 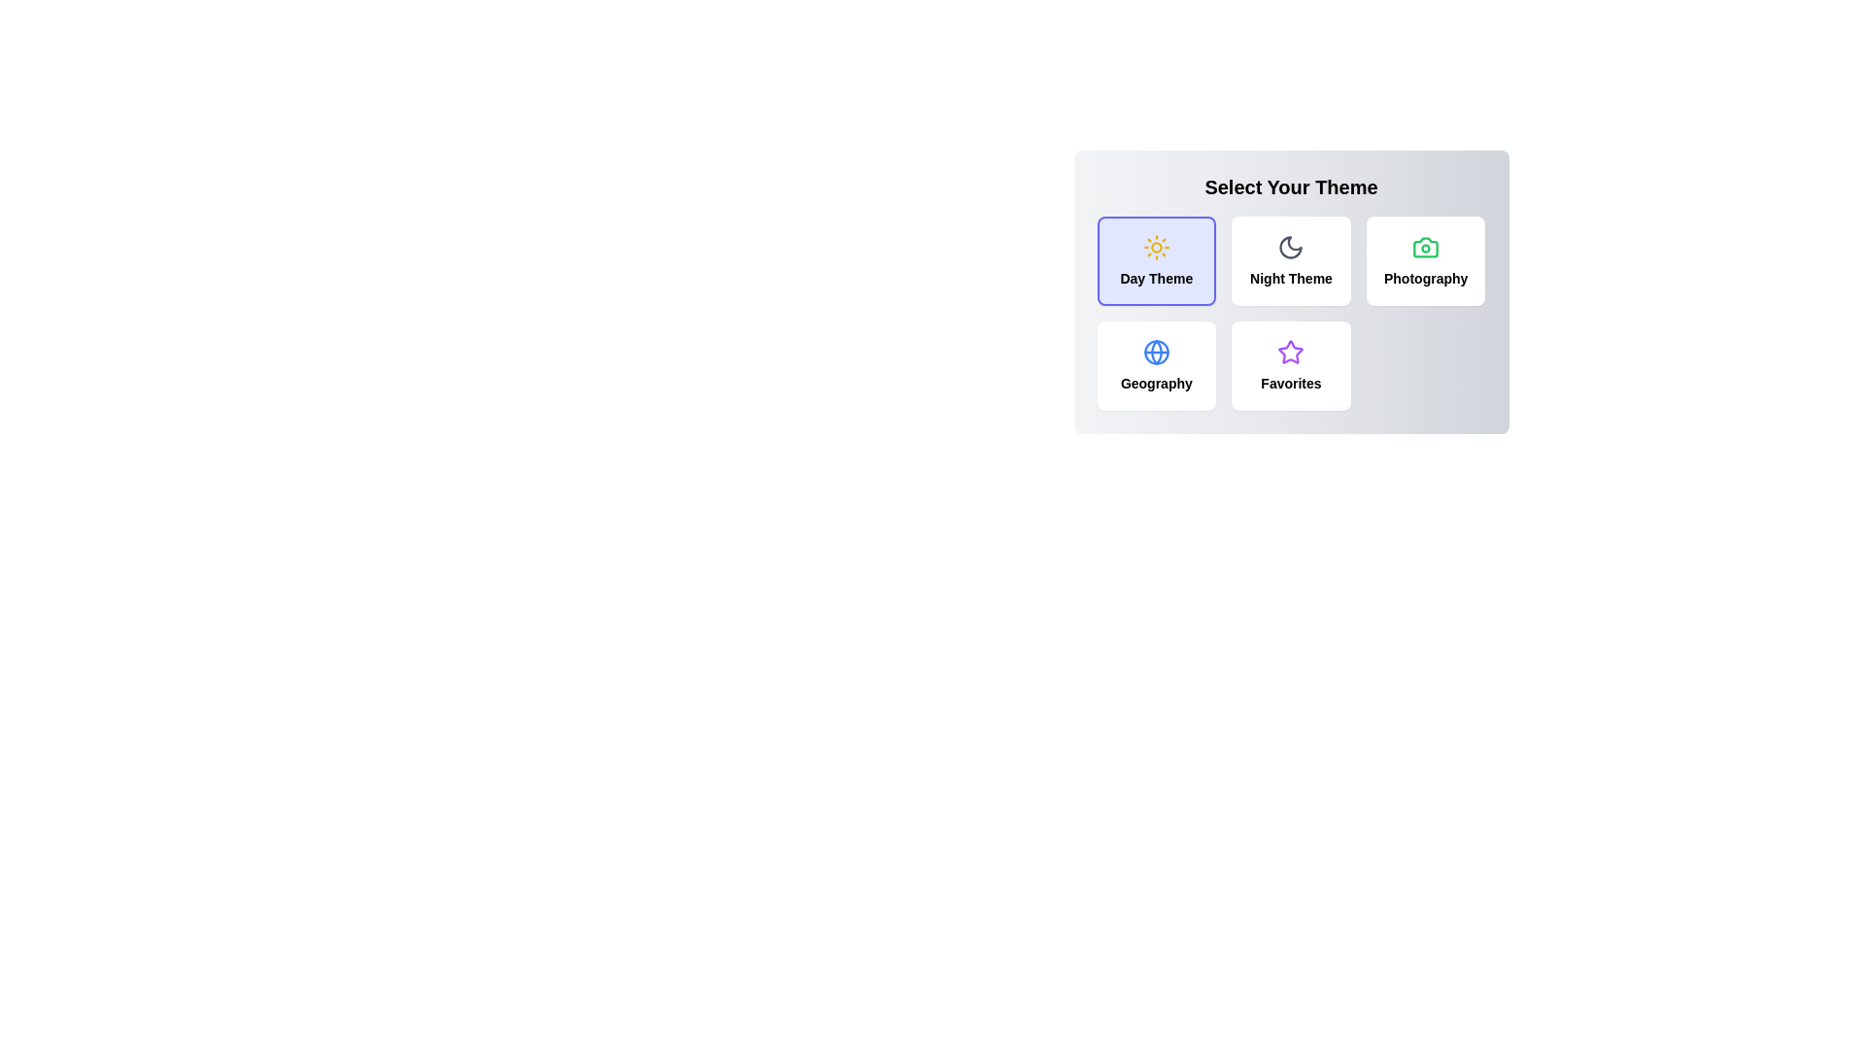 What do you see at coordinates (1291, 352) in the screenshot?
I see `the star icon that signifies favorites, located within the 'Favorites' button in the second row, second column of the theme selection area` at bounding box center [1291, 352].